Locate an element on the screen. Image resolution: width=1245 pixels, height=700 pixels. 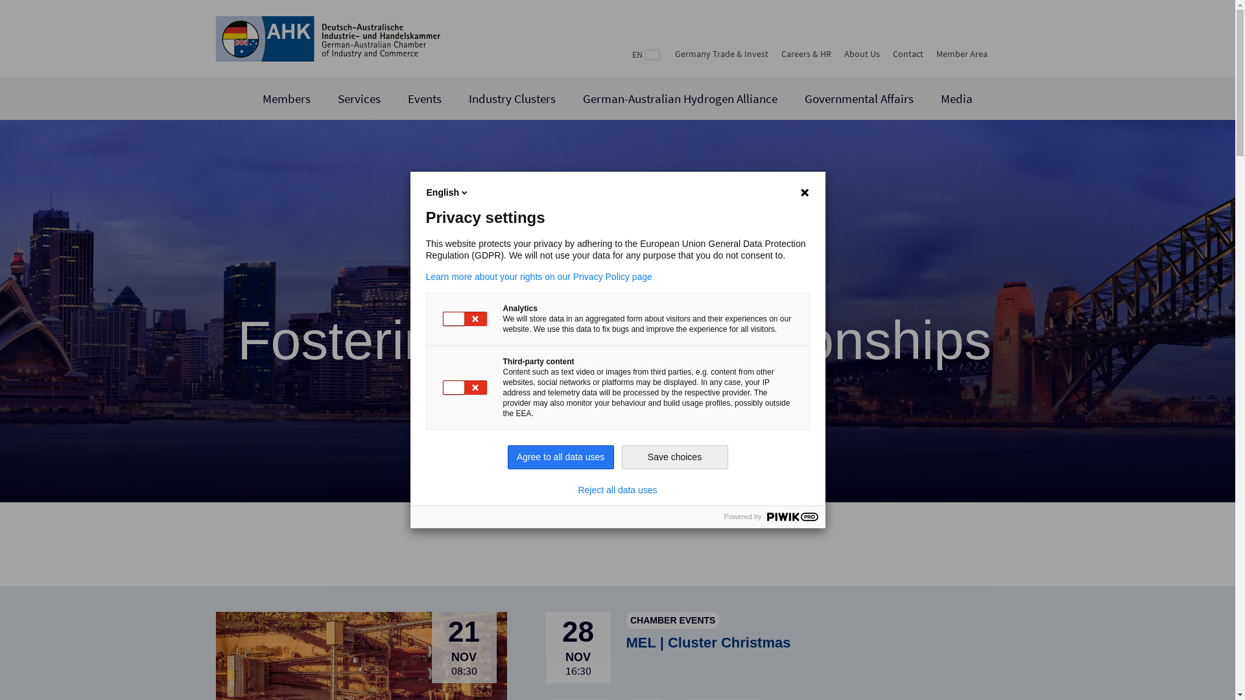
'Reject all data uses' is located at coordinates (616, 490).